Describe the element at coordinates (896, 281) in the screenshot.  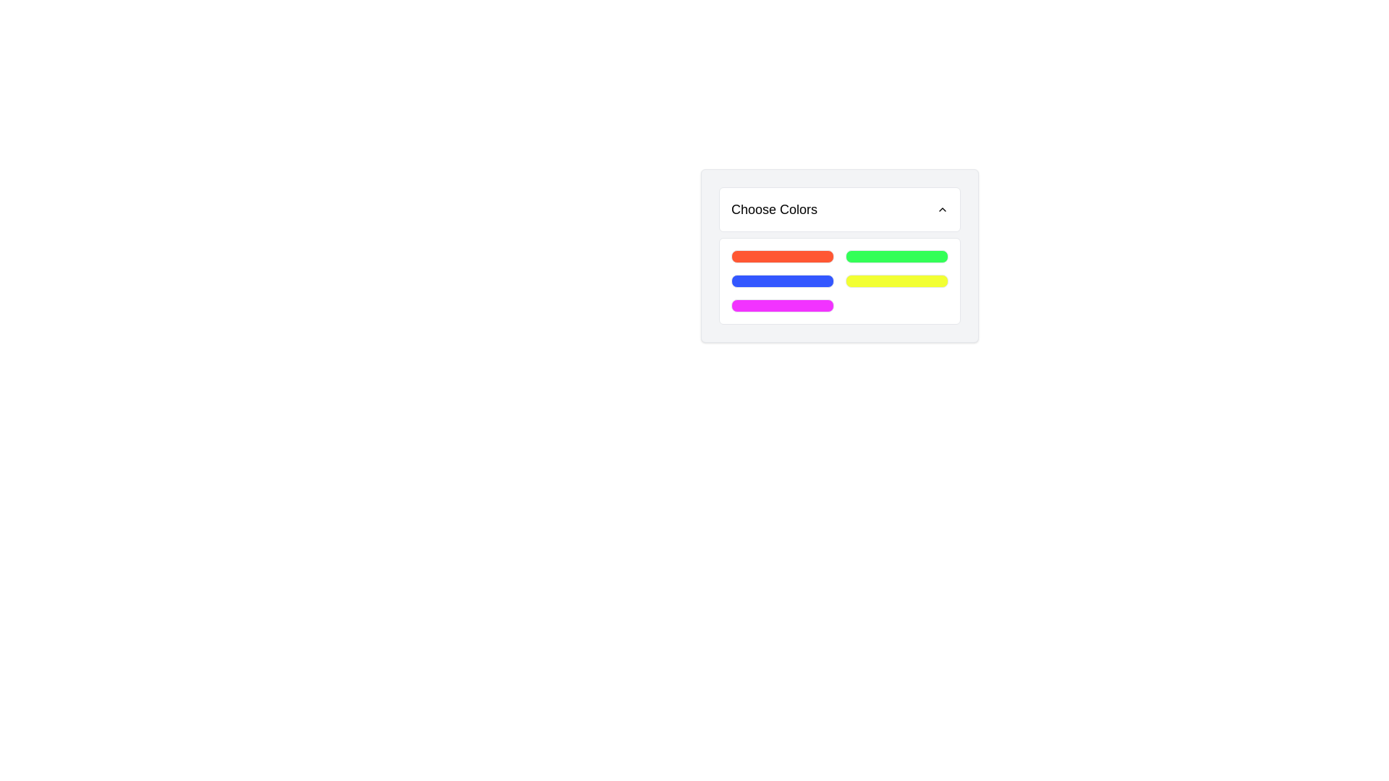
I see `the interactive box located in the fourth row and second column of the grid` at that location.